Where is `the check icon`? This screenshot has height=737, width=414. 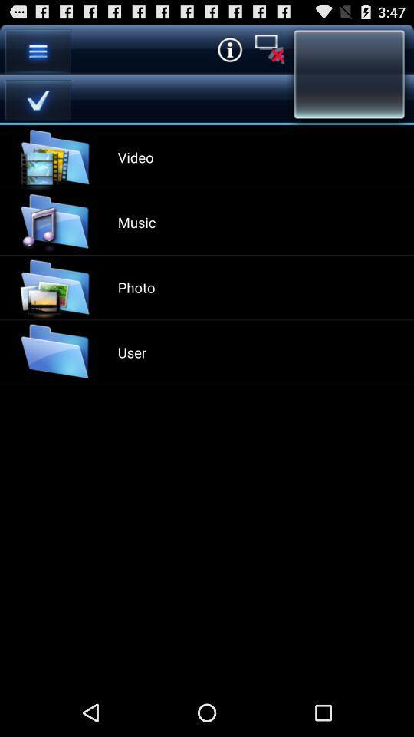
the check icon is located at coordinates (38, 106).